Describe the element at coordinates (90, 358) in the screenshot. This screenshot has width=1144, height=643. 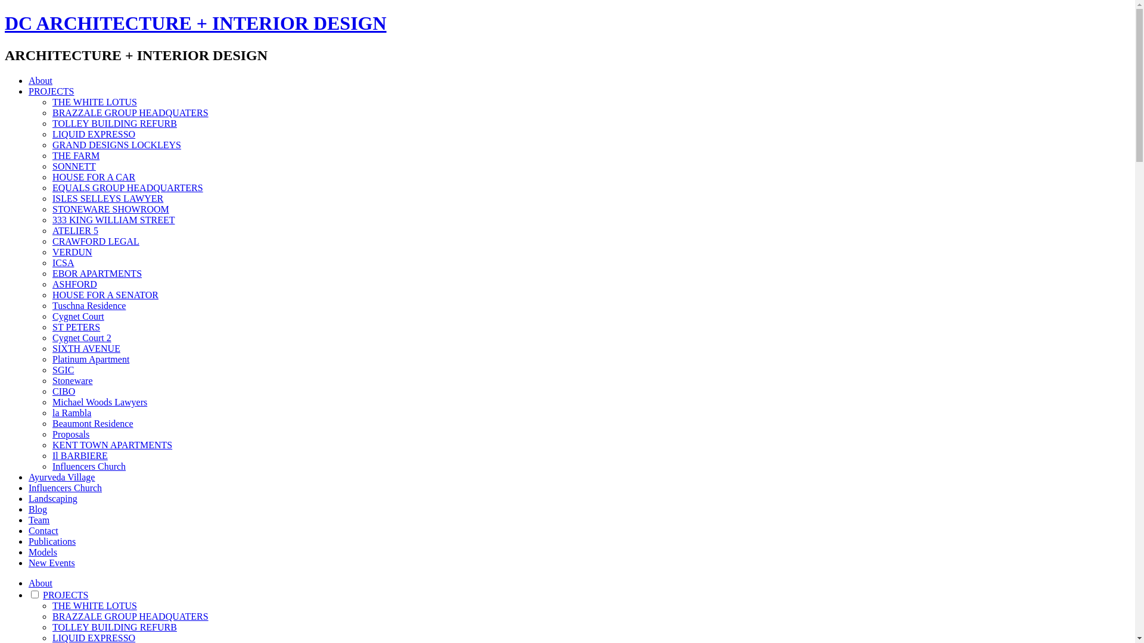
I see `'Platinum Apartment'` at that location.